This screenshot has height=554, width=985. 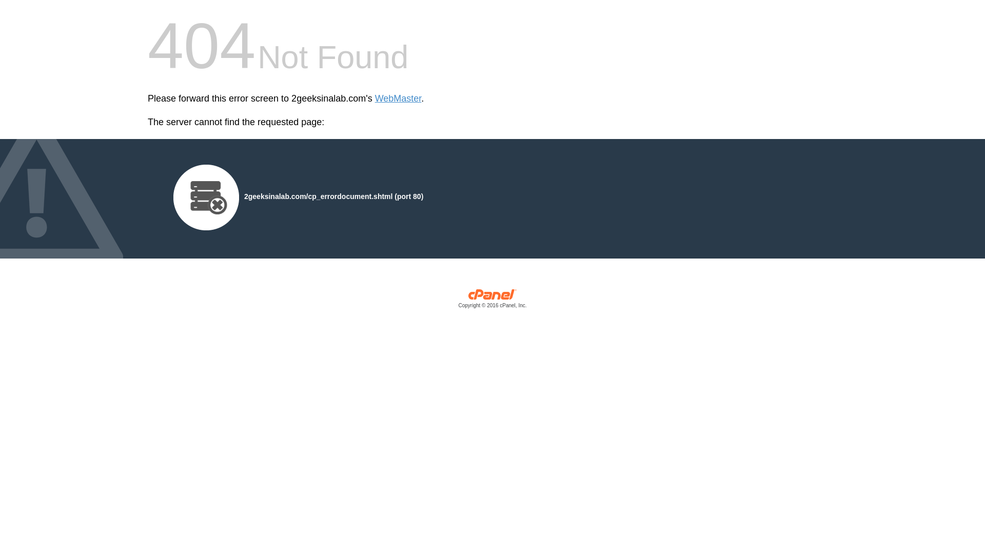 What do you see at coordinates (374, 98) in the screenshot?
I see `'WebMaster'` at bounding box center [374, 98].